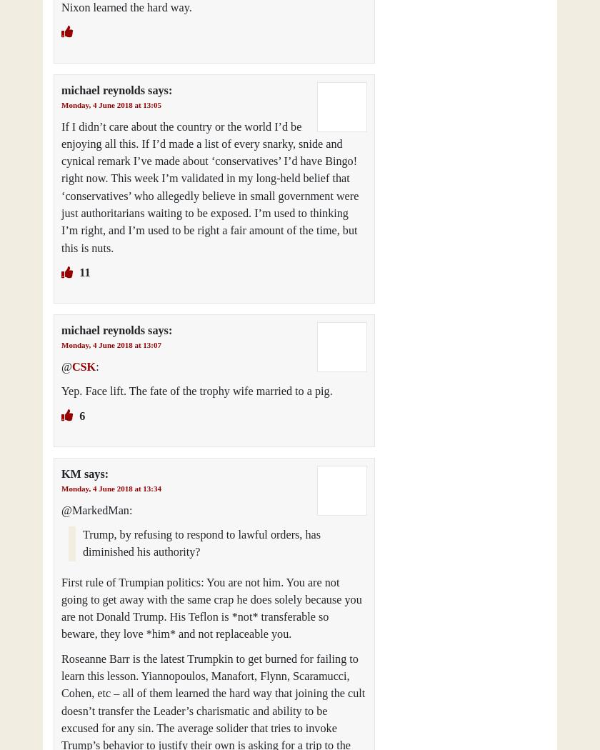 Image resolution: width=600 pixels, height=750 pixels. Describe the element at coordinates (79, 272) in the screenshot. I see `'11'` at that location.